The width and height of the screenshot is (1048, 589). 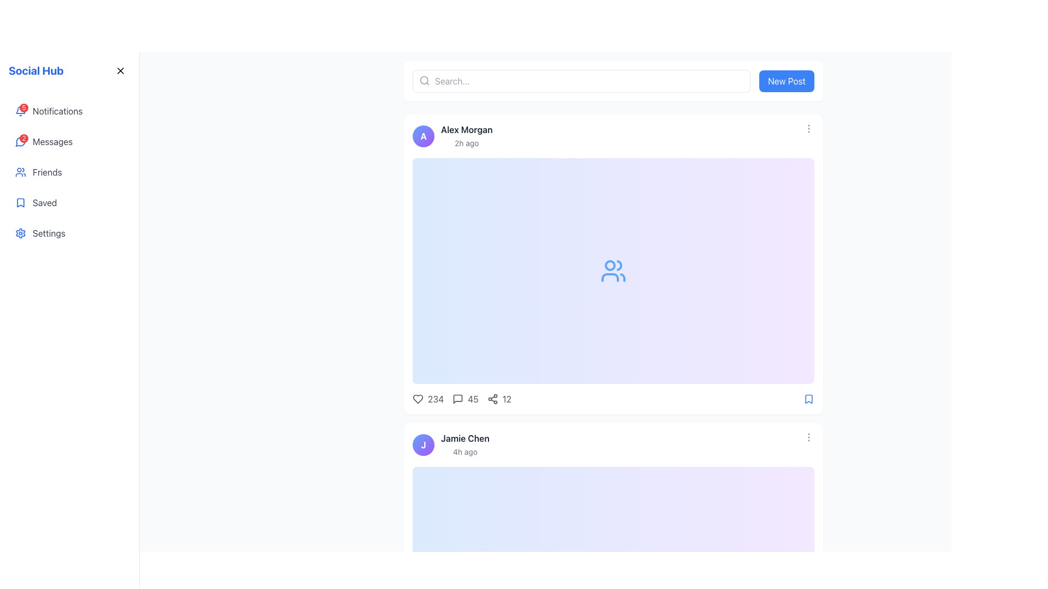 I want to click on the 'Friends' icon in the side navigation menu, which visually represents the concept of friends or social connections, so click(x=21, y=172).